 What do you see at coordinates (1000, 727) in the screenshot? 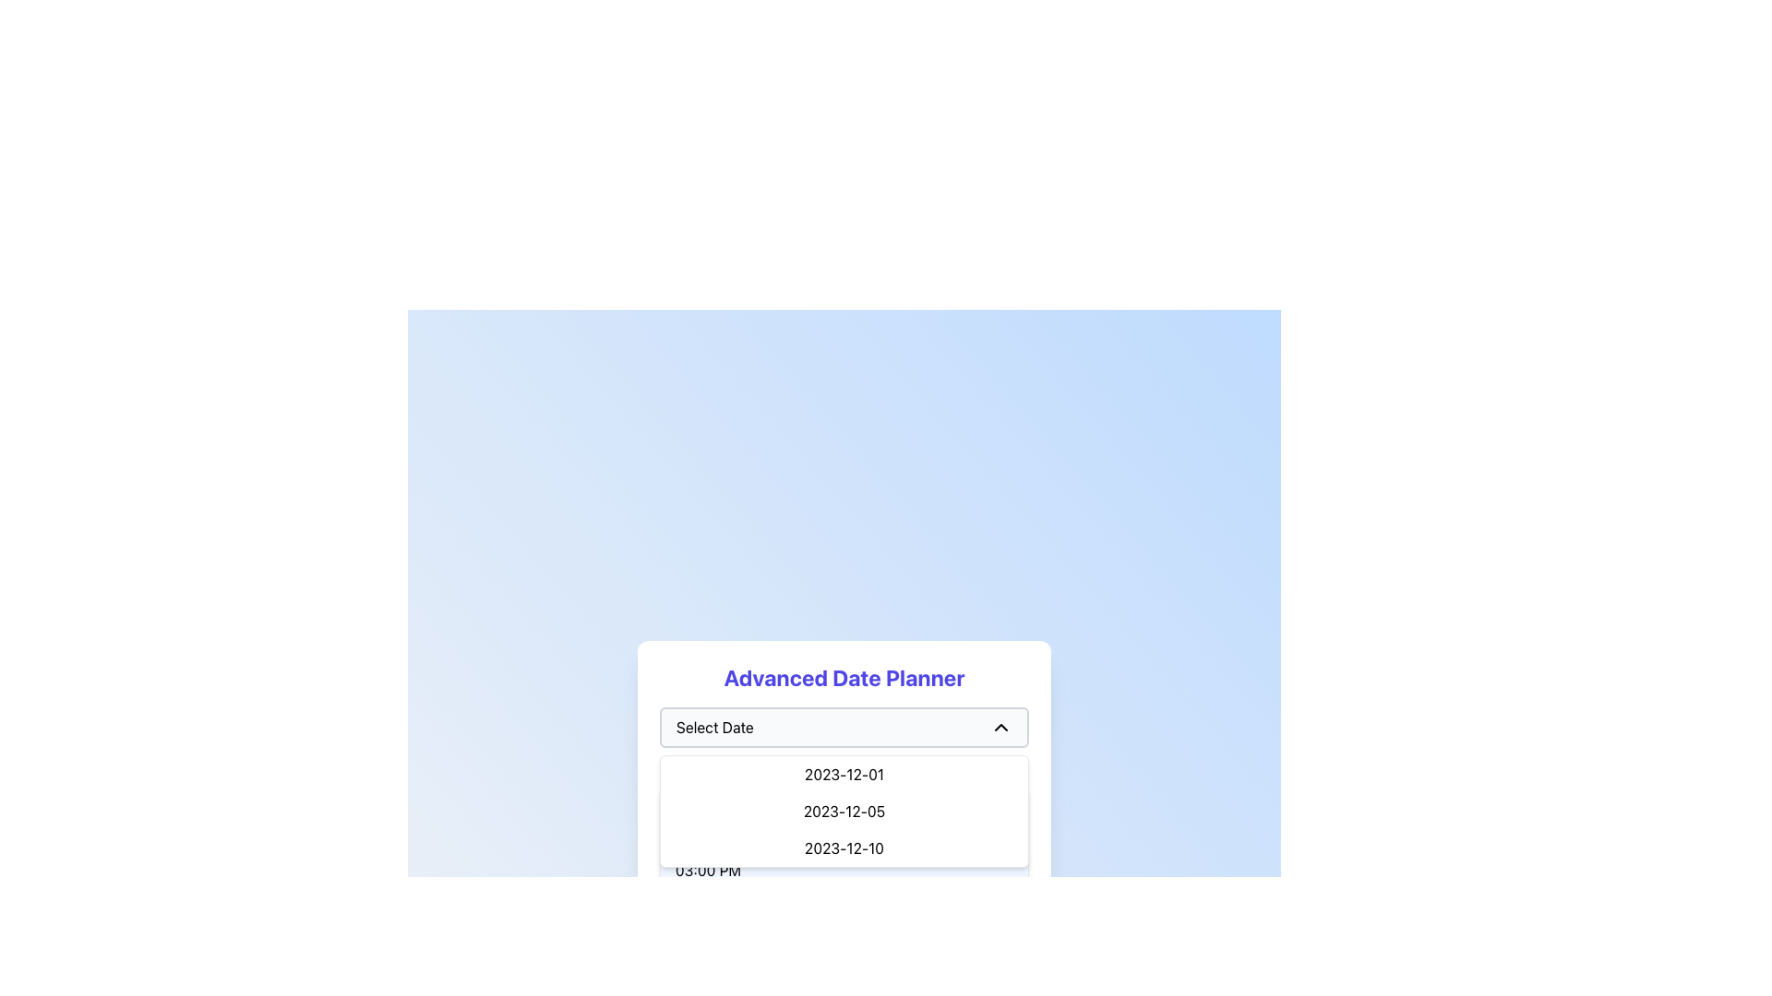
I see `the triangular 'up' chevron icon located at the far right of the 'Select Date' input field` at bounding box center [1000, 727].